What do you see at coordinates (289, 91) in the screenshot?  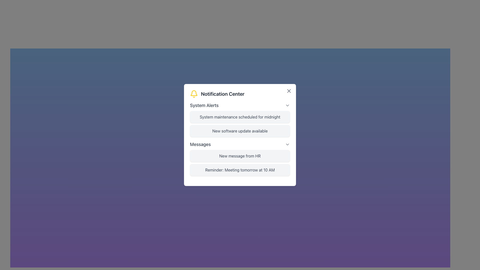 I see `the close button located at the top-right corner of the 'Notification Center' modal` at bounding box center [289, 91].